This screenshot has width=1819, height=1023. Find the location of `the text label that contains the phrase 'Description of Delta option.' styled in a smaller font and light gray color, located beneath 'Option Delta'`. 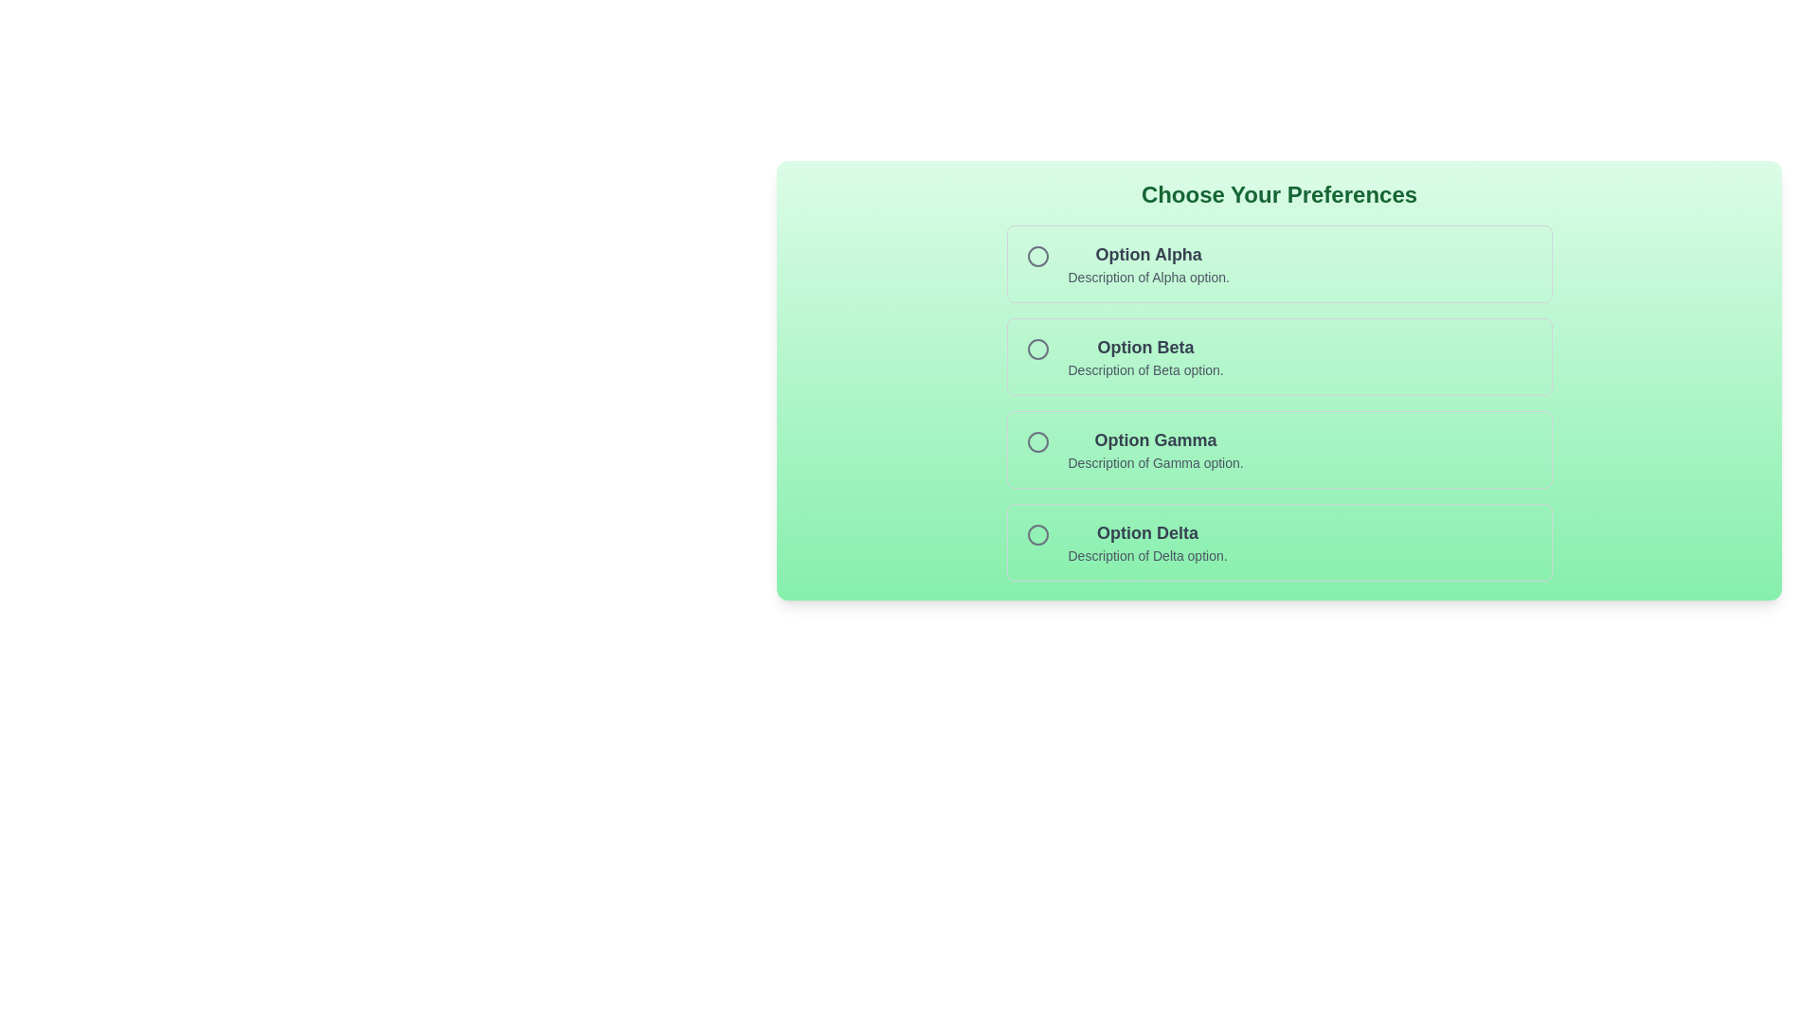

the text label that contains the phrase 'Description of Delta option.' styled in a smaller font and light gray color, located beneath 'Option Delta' is located at coordinates (1146, 554).